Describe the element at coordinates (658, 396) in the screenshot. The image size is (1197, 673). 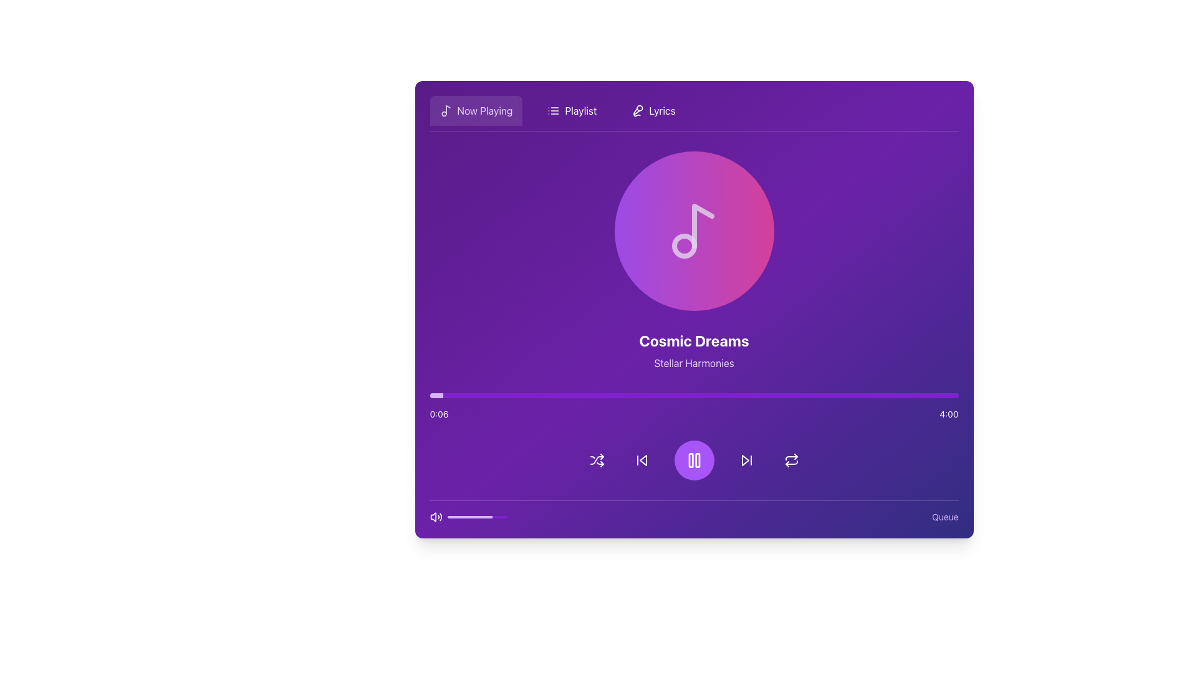
I see `the playback position` at that location.